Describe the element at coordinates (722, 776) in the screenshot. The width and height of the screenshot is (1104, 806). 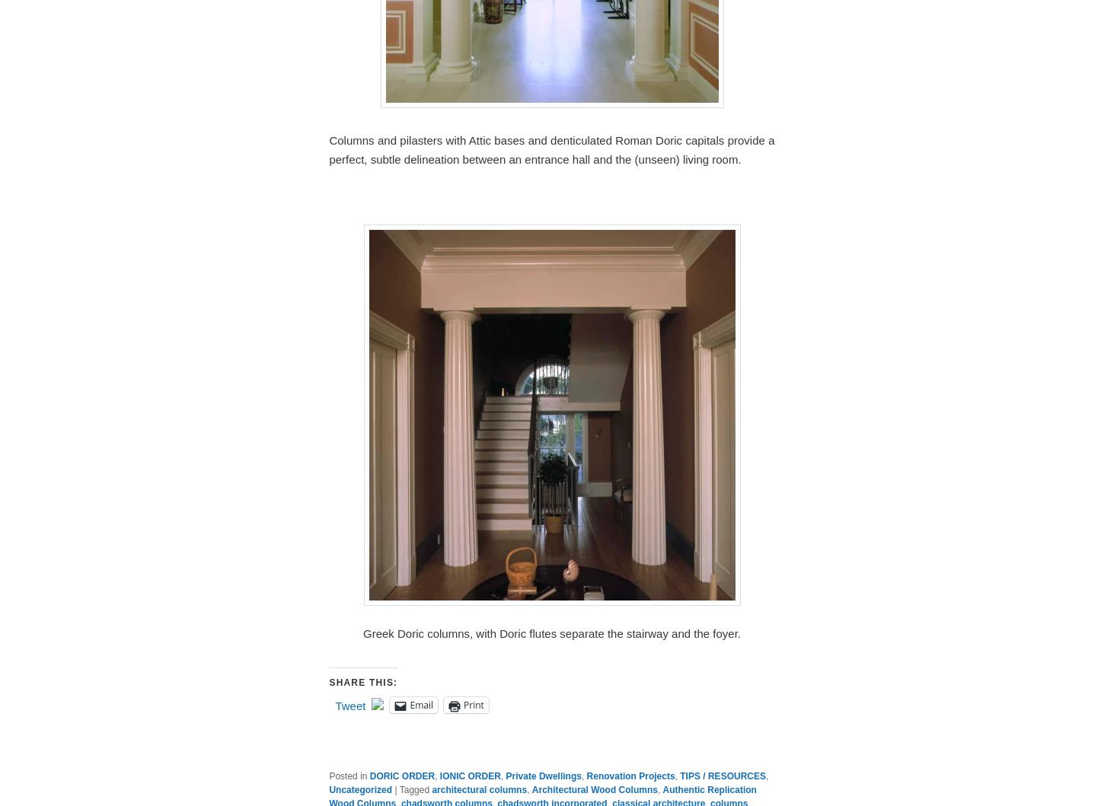
I see `'TIPS / RESOURCES'` at that location.